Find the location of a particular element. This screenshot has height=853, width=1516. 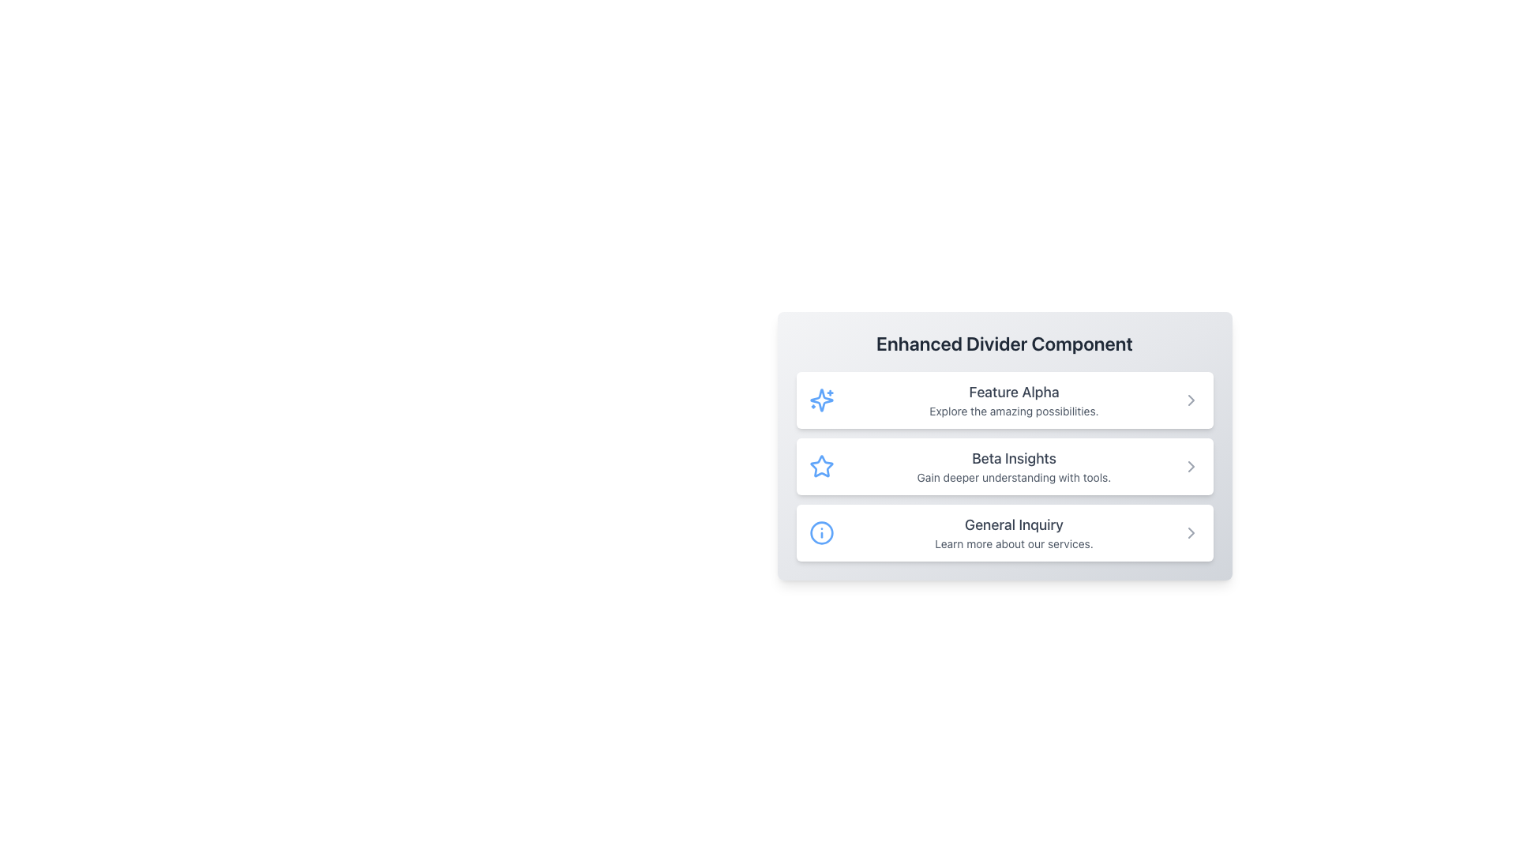

the chevron icon located at the right edge of the 'Feature Alpha' card is located at coordinates (1191, 399).